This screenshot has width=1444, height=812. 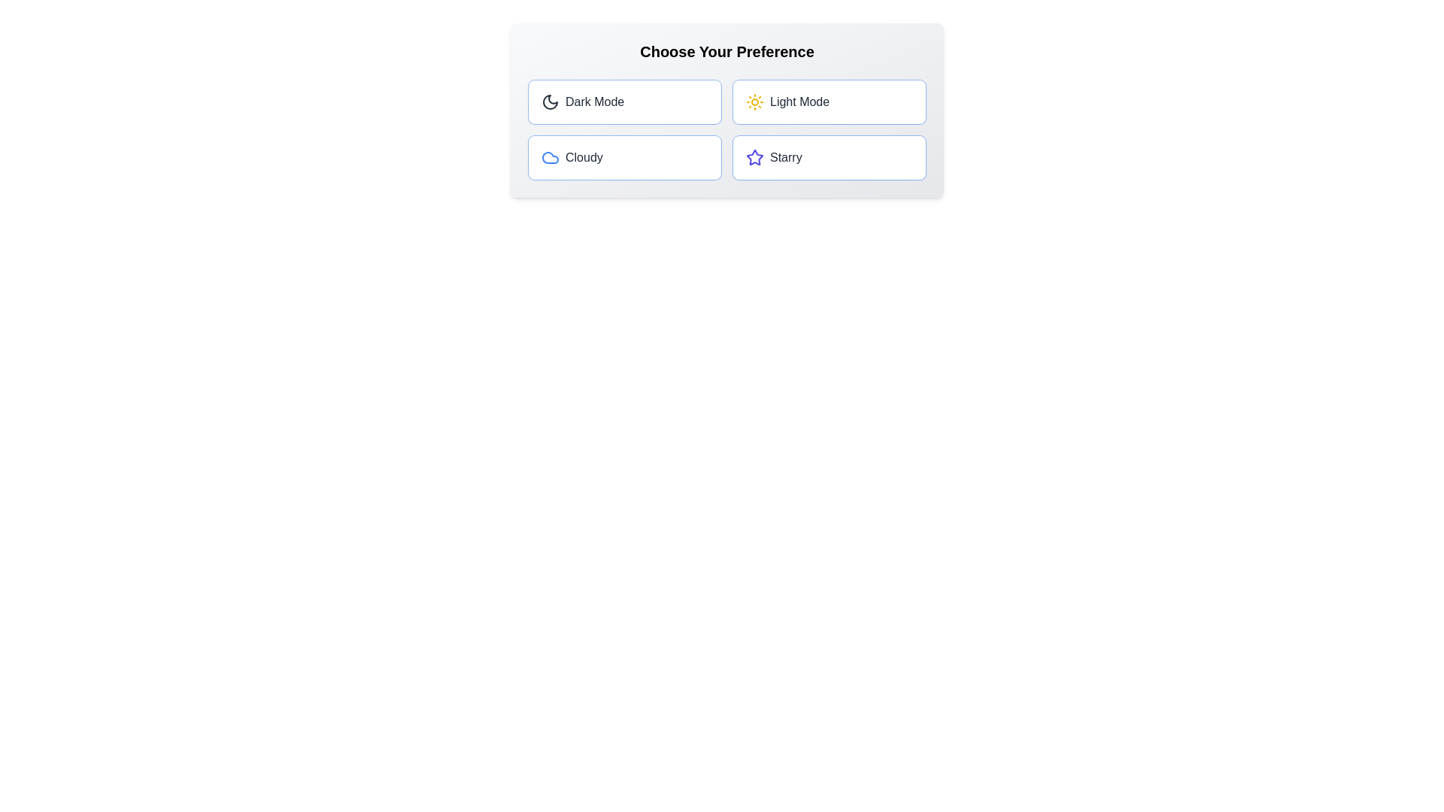 What do you see at coordinates (549, 101) in the screenshot?
I see `the 'Dark Mode' icon located on the left side of the 'Dark Mode' text` at bounding box center [549, 101].